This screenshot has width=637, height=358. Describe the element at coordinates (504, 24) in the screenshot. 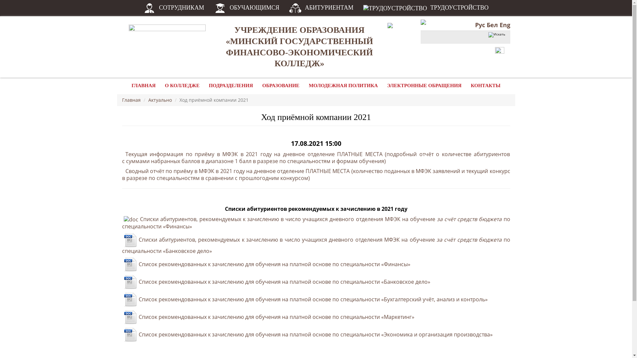

I see `'Eng'` at that location.